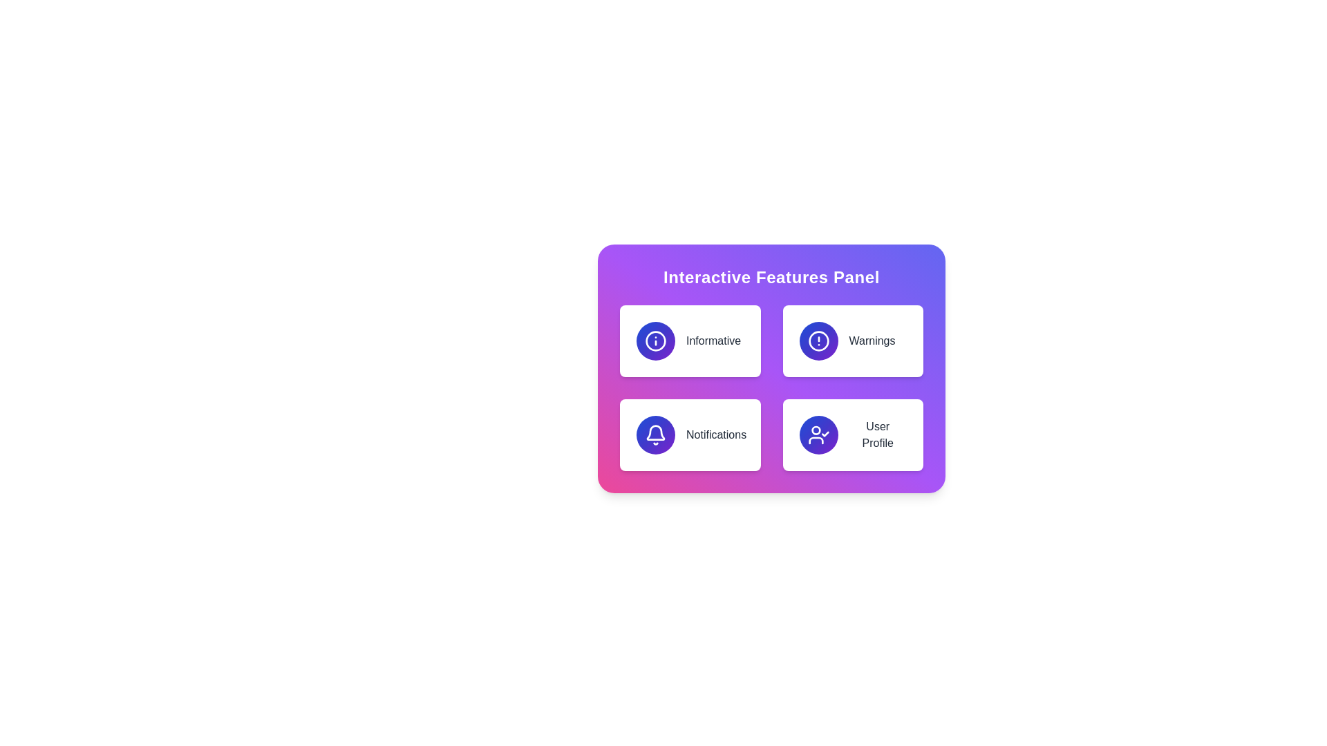  I want to click on the 'Notifications' label located on the bottom-left side of the 'Interactive Features Panel', beneath the bell-shaped icon, so click(716, 434).